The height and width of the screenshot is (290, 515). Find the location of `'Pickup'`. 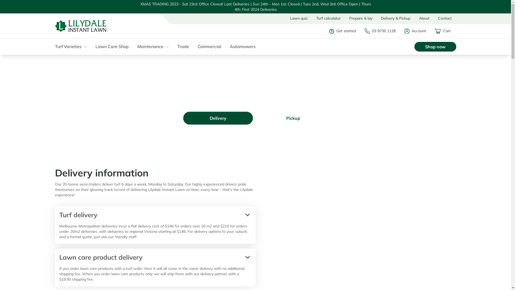

'Pickup' is located at coordinates (293, 118).